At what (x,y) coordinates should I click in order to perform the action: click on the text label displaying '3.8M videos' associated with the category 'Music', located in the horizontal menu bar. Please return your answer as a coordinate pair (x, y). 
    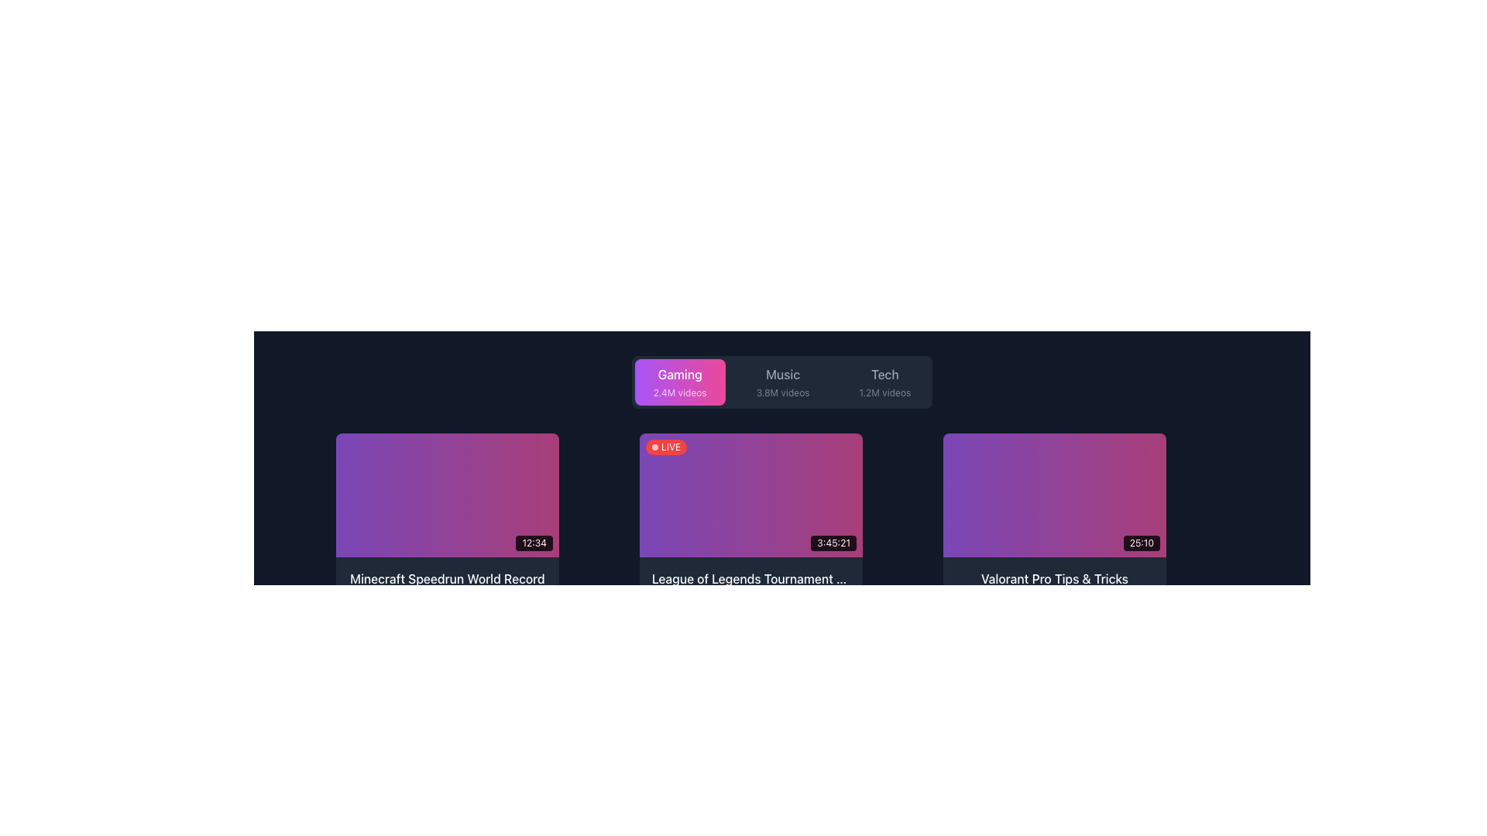
    Looking at the image, I should click on (783, 392).